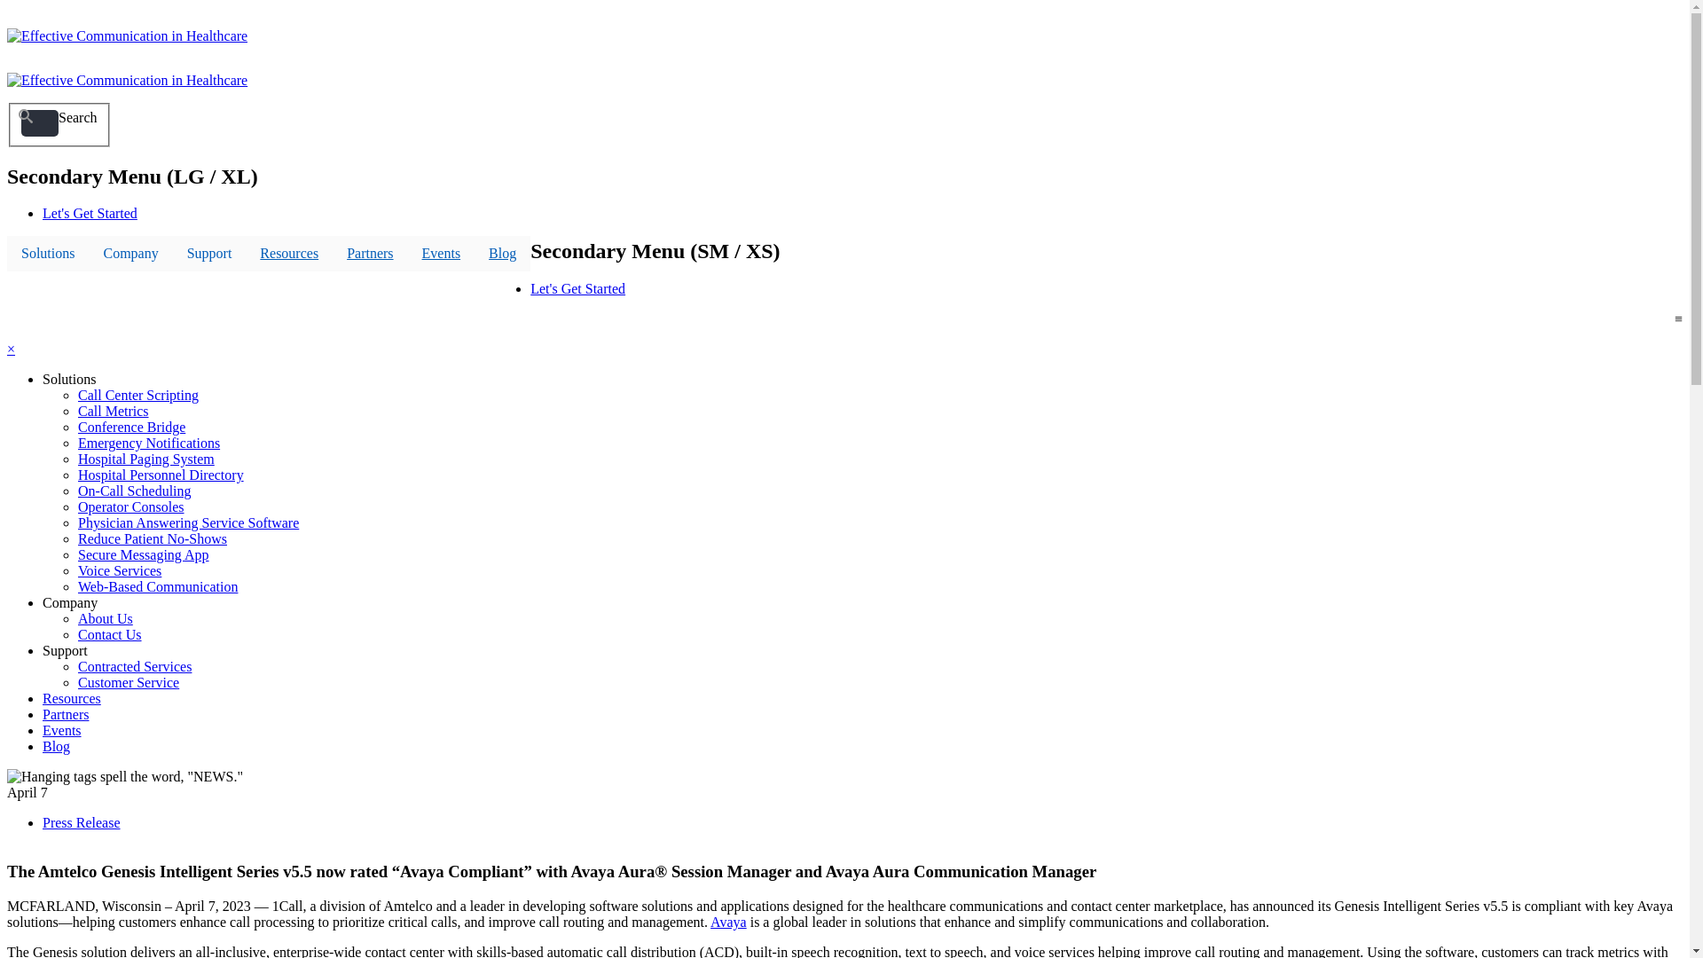 This screenshot has height=958, width=1703. What do you see at coordinates (728, 921) in the screenshot?
I see `'Avaya'` at bounding box center [728, 921].